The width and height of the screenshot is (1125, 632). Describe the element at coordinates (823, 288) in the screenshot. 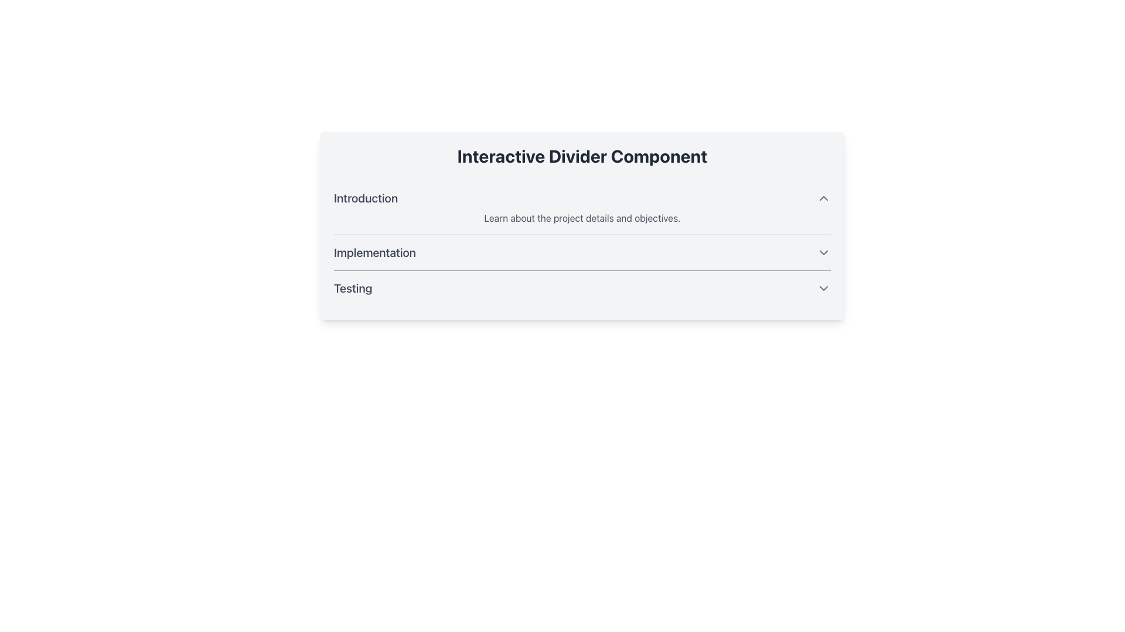

I see `the Chevron Toggle icon located at the far right of the 'Testing' section to observe any visual effects` at that location.